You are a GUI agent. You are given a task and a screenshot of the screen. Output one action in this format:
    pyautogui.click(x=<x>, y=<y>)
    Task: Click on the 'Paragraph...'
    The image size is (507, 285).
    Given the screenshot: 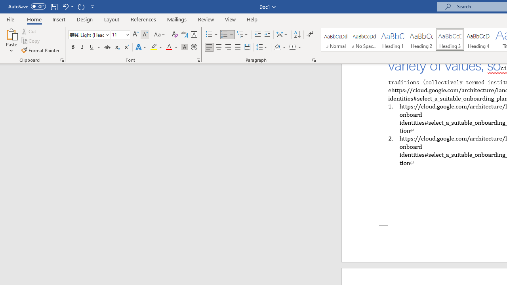 What is the action you would take?
    pyautogui.click(x=313, y=59)
    